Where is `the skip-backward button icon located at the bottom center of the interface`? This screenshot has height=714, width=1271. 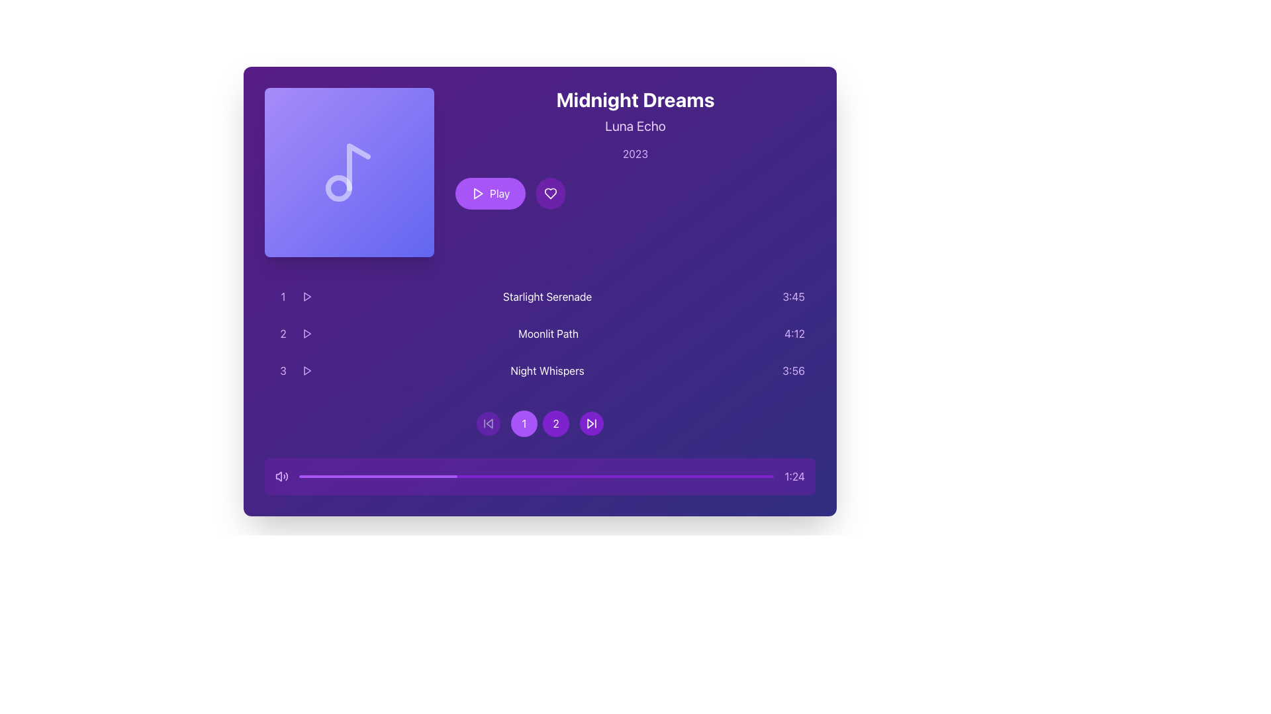
the skip-backward button icon located at the bottom center of the interface is located at coordinates (488, 423).